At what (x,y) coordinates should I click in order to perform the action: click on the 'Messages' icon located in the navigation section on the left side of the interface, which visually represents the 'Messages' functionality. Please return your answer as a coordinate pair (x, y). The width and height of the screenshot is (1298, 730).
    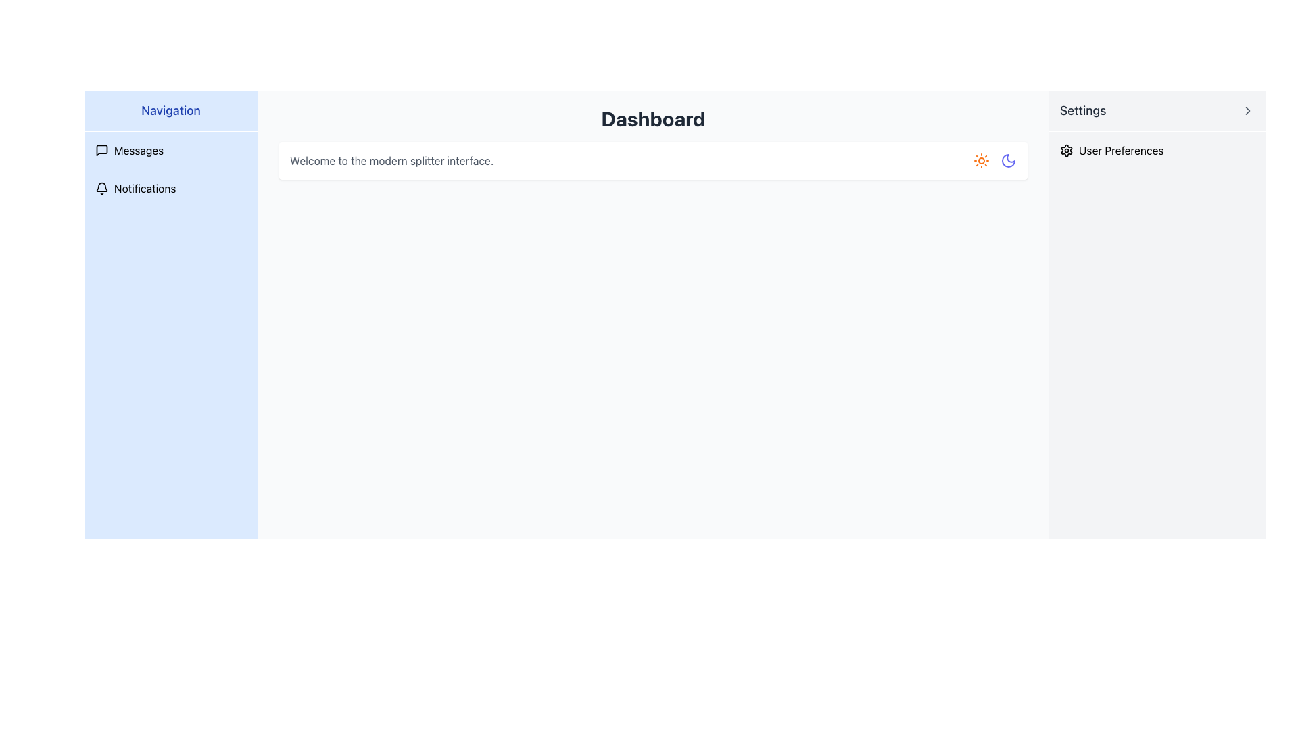
    Looking at the image, I should click on (101, 151).